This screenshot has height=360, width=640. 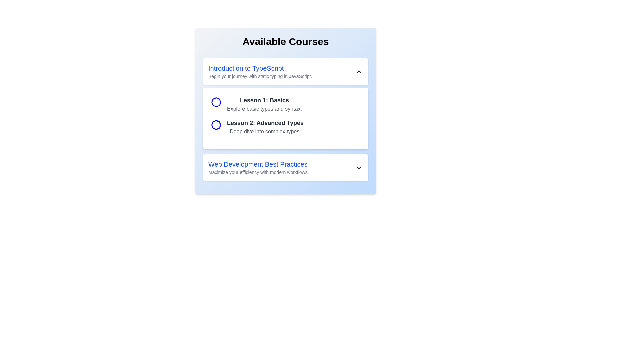 What do you see at coordinates (264, 109) in the screenshot?
I see `text 'Explore basic types and syntax.' located in the second section of the course list, directly below the section headline in 'Lesson 1: Basics'` at bounding box center [264, 109].